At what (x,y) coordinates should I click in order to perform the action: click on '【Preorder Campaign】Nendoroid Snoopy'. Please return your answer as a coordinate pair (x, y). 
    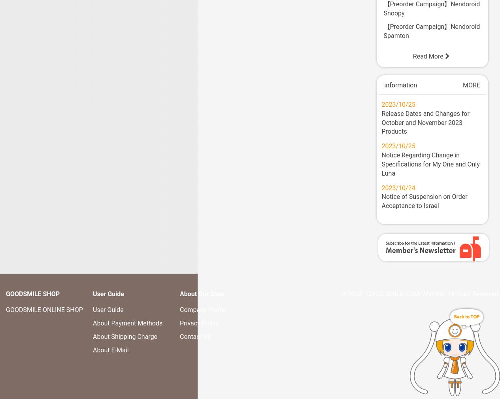
    Looking at the image, I should click on (431, 8).